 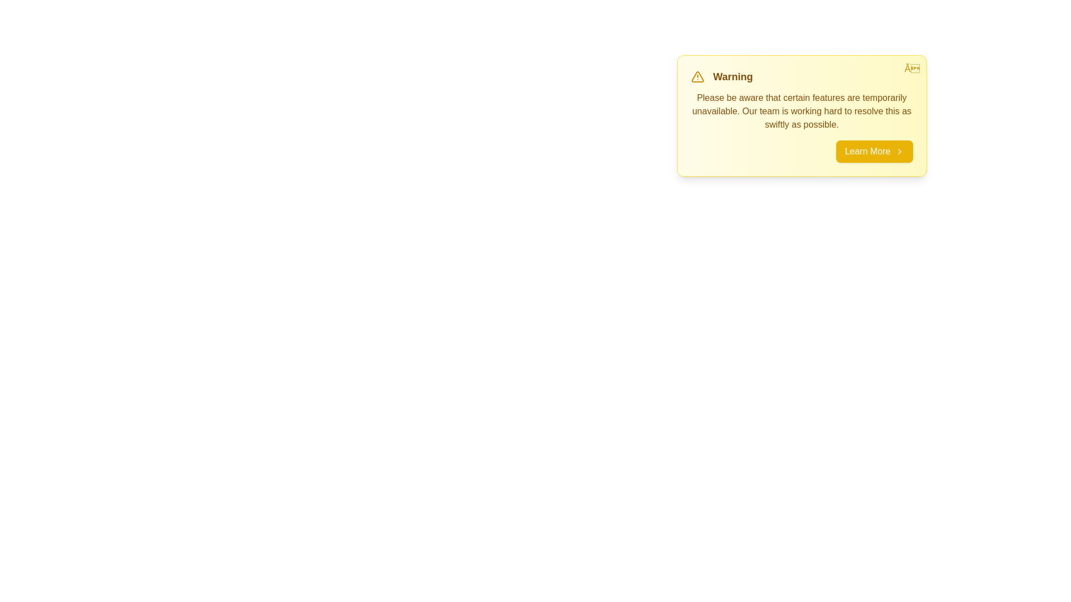 What do you see at coordinates (912, 69) in the screenshot?
I see `the 'Close alert' button to dismiss the alert` at bounding box center [912, 69].